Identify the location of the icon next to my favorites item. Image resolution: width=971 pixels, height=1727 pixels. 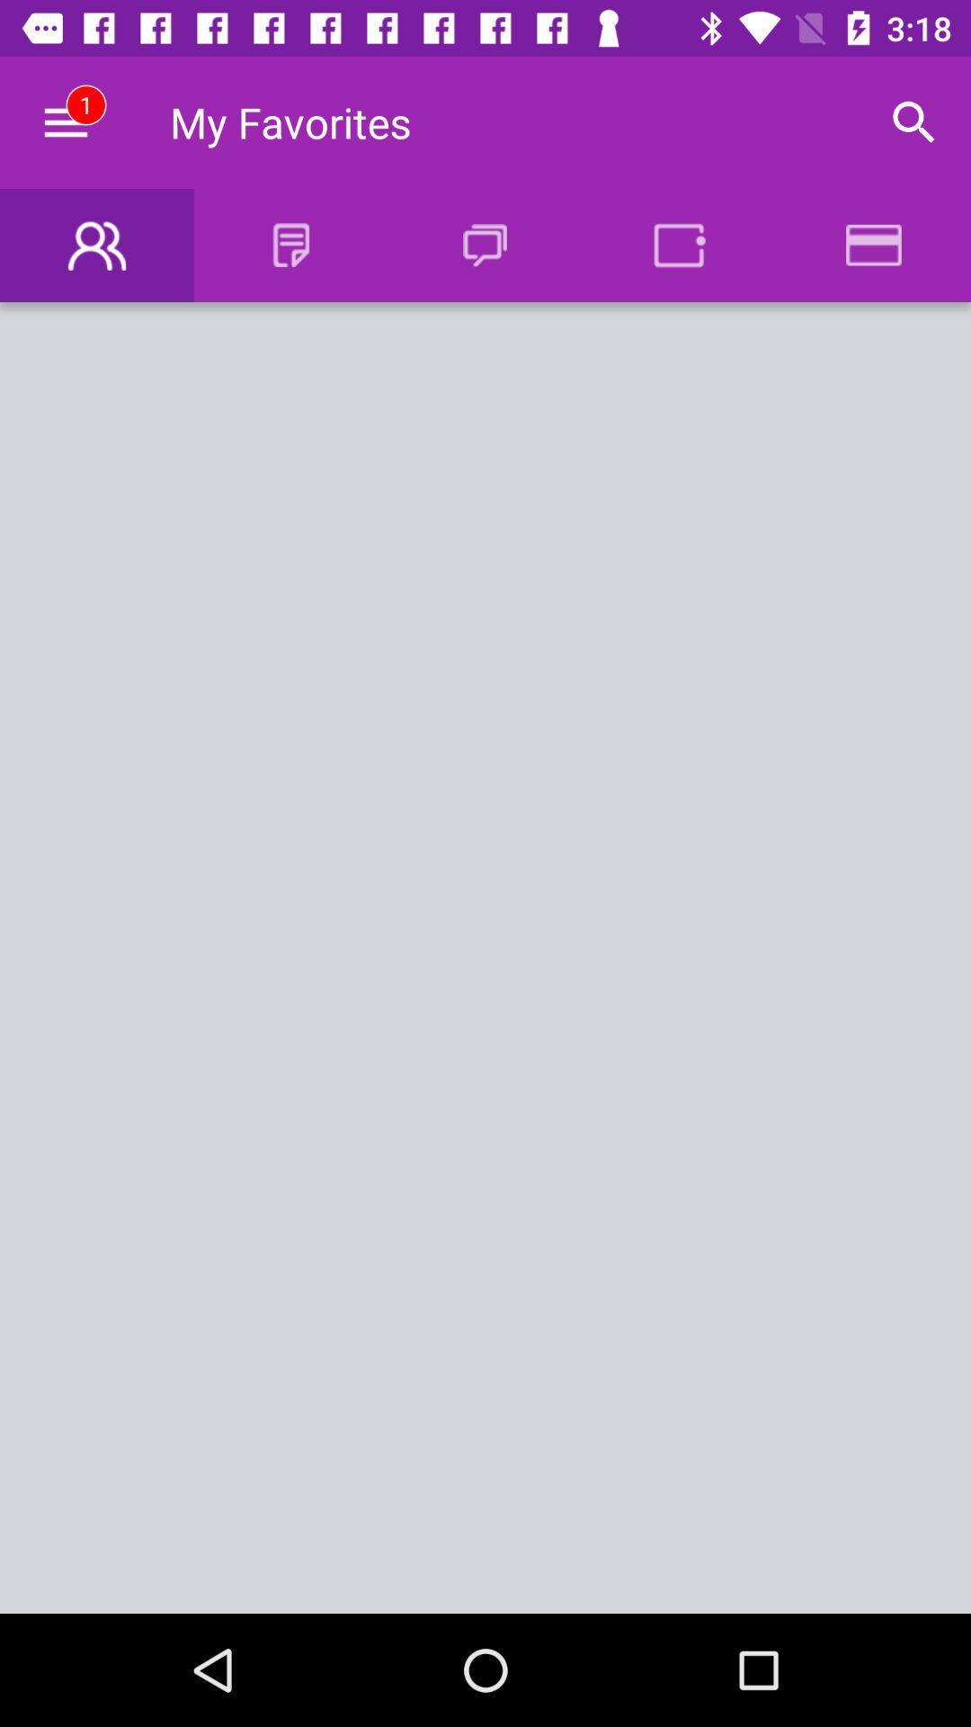
(914, 121).